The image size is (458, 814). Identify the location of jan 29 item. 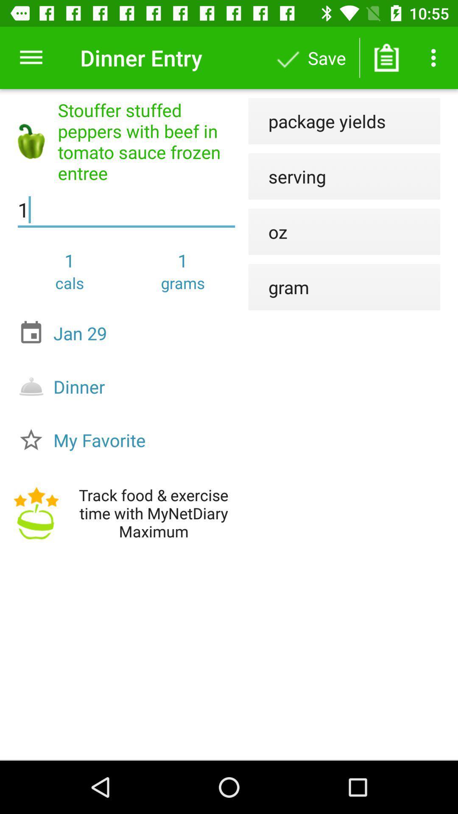
(128, 333).